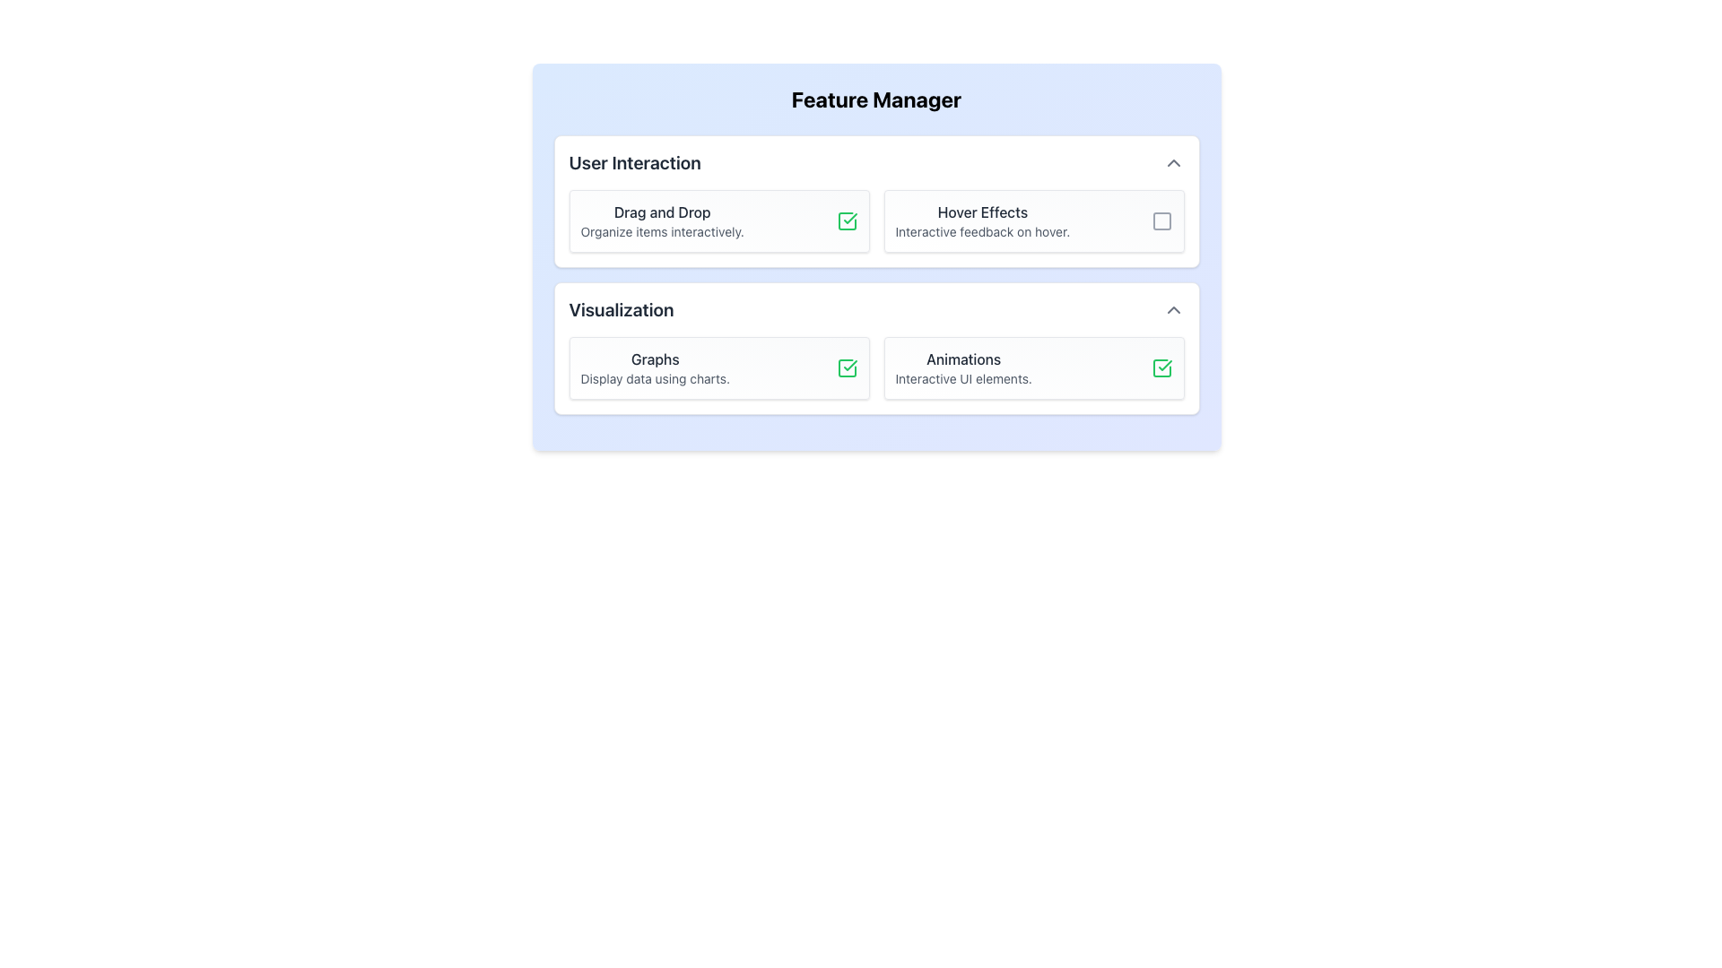 The height and width of the screenshot is (968, 1722). What do you see at coordinates (1161, 367) in the screenshot?
I see `the green checkmark icon in the bottom-right region of the 'Animations' card` at bounding box center [1161, 367].